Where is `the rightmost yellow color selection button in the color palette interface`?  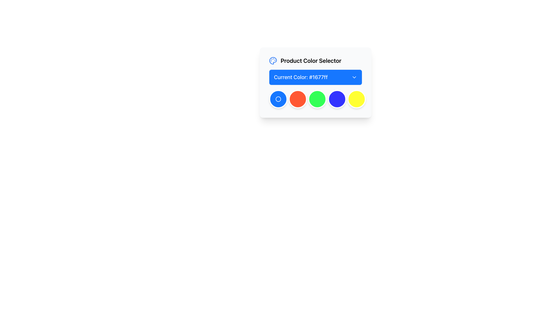
the rightmost yellow color selection button in the color palette interface is located at coordinates (356, 99).